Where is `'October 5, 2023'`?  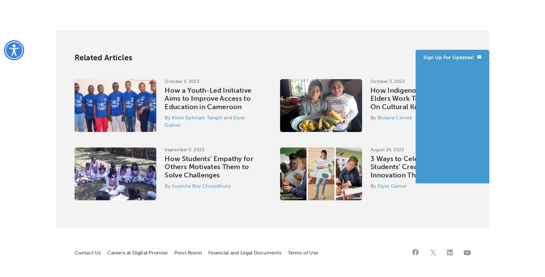
'October 5, 2023' is located at coordinates (182, 81).